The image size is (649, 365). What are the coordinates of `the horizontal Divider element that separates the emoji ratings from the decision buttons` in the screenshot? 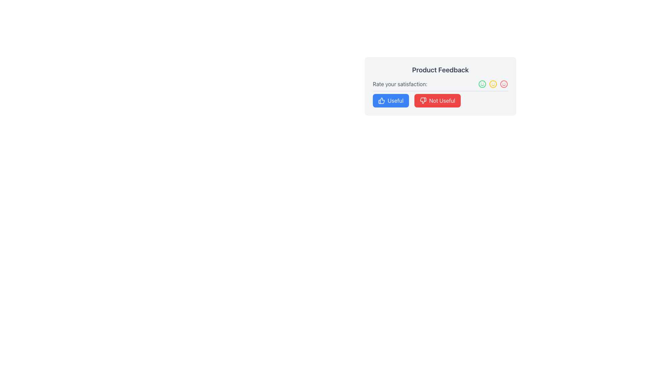 It's located at (440, 91).